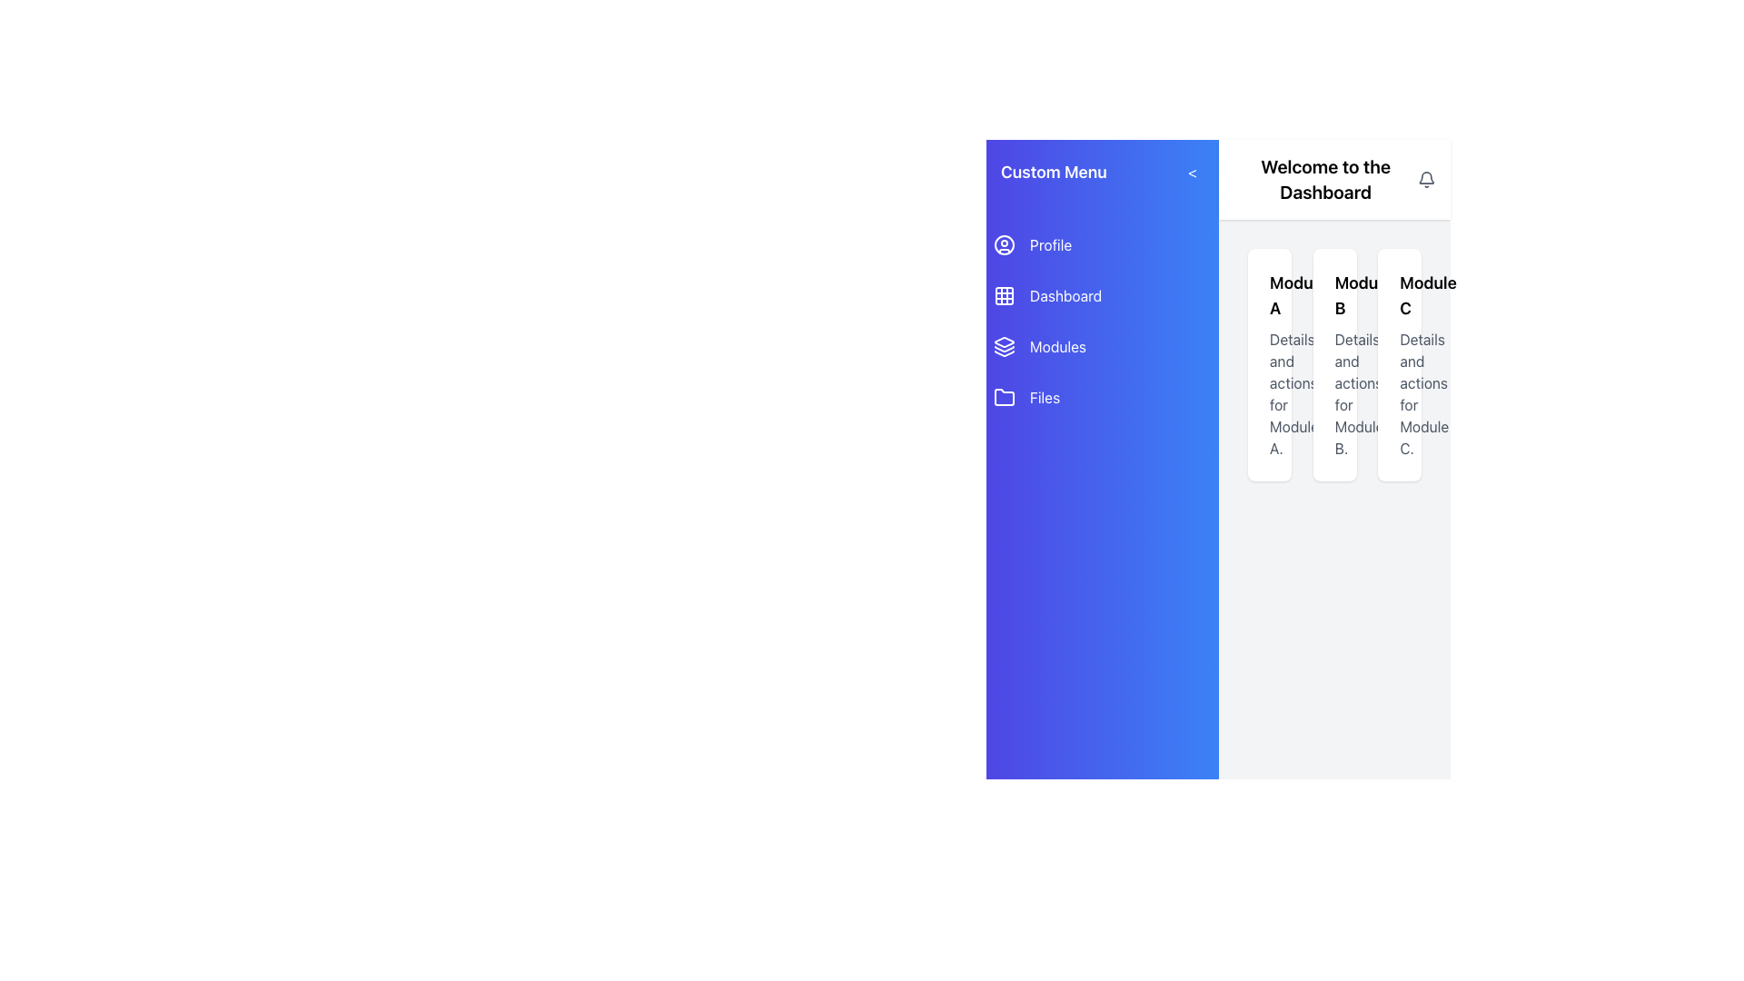  I want to click on the Dashboard icon, so click(1003, 295).